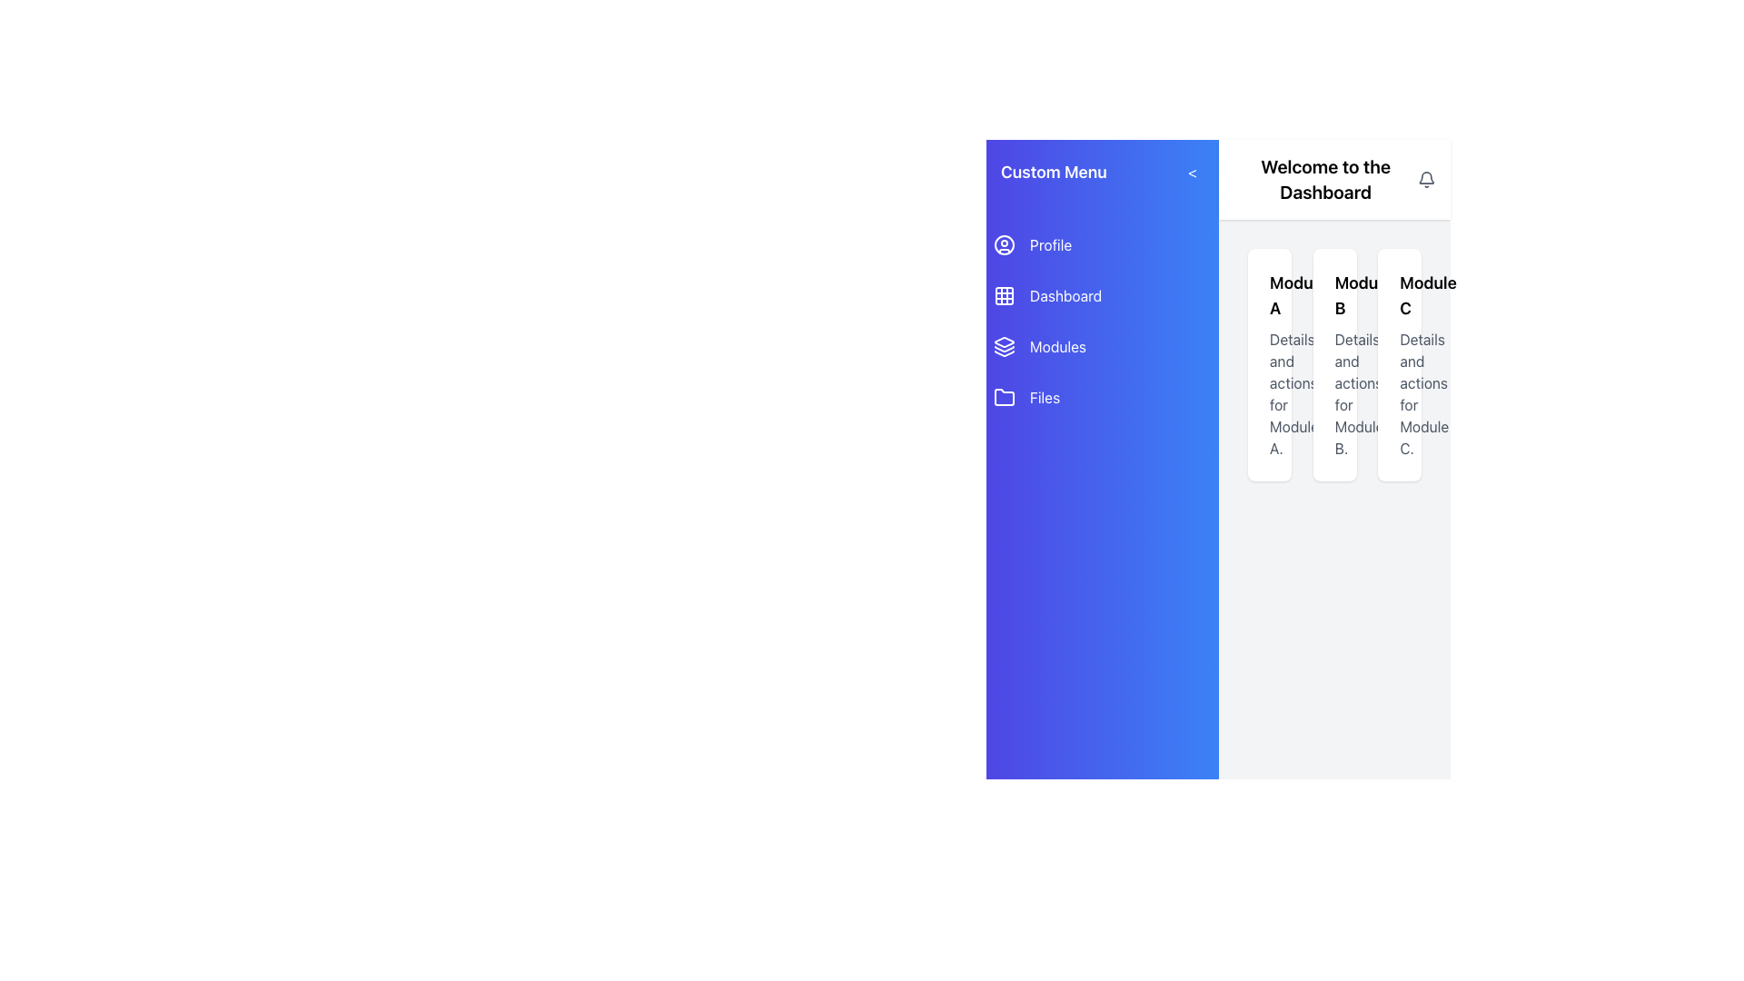  I want to click on the Dashboard icon, so click(1003, 295).